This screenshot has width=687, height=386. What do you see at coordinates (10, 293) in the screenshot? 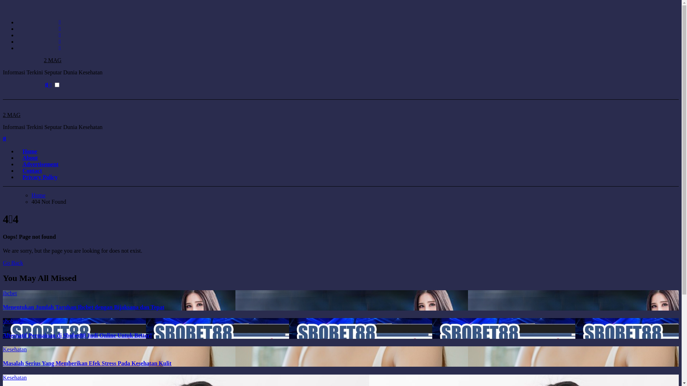
I see `'ibcbet'` at bounding box center [10, 293].